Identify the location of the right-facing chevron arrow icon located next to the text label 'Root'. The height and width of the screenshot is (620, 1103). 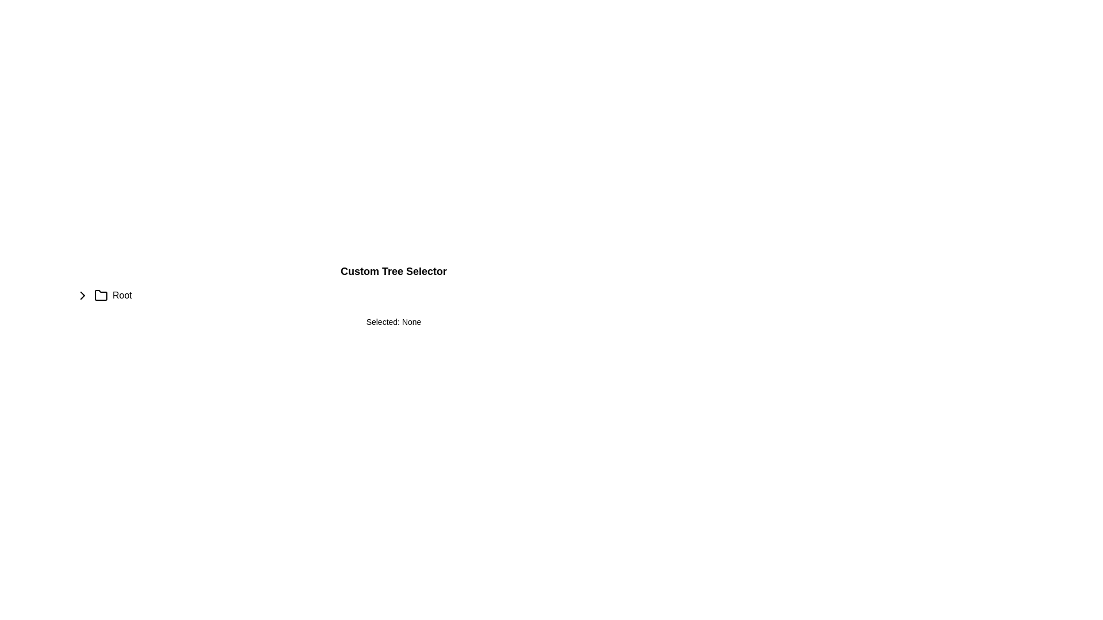
(82, 295).